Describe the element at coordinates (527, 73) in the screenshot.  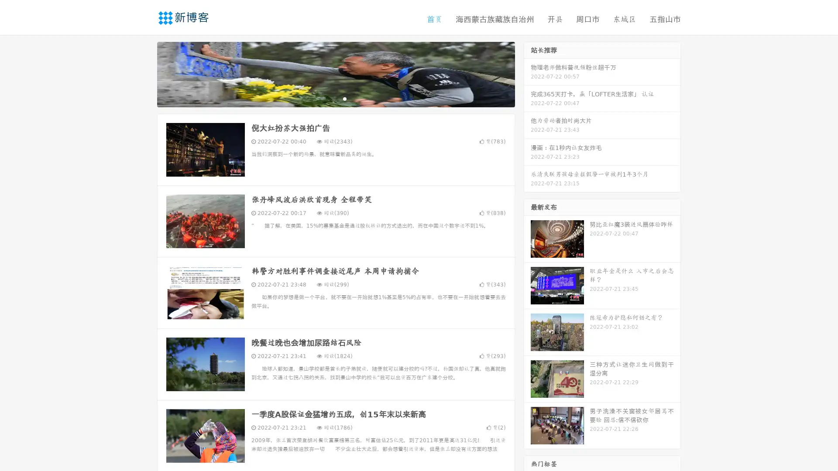
I see `Next slide` at that location.